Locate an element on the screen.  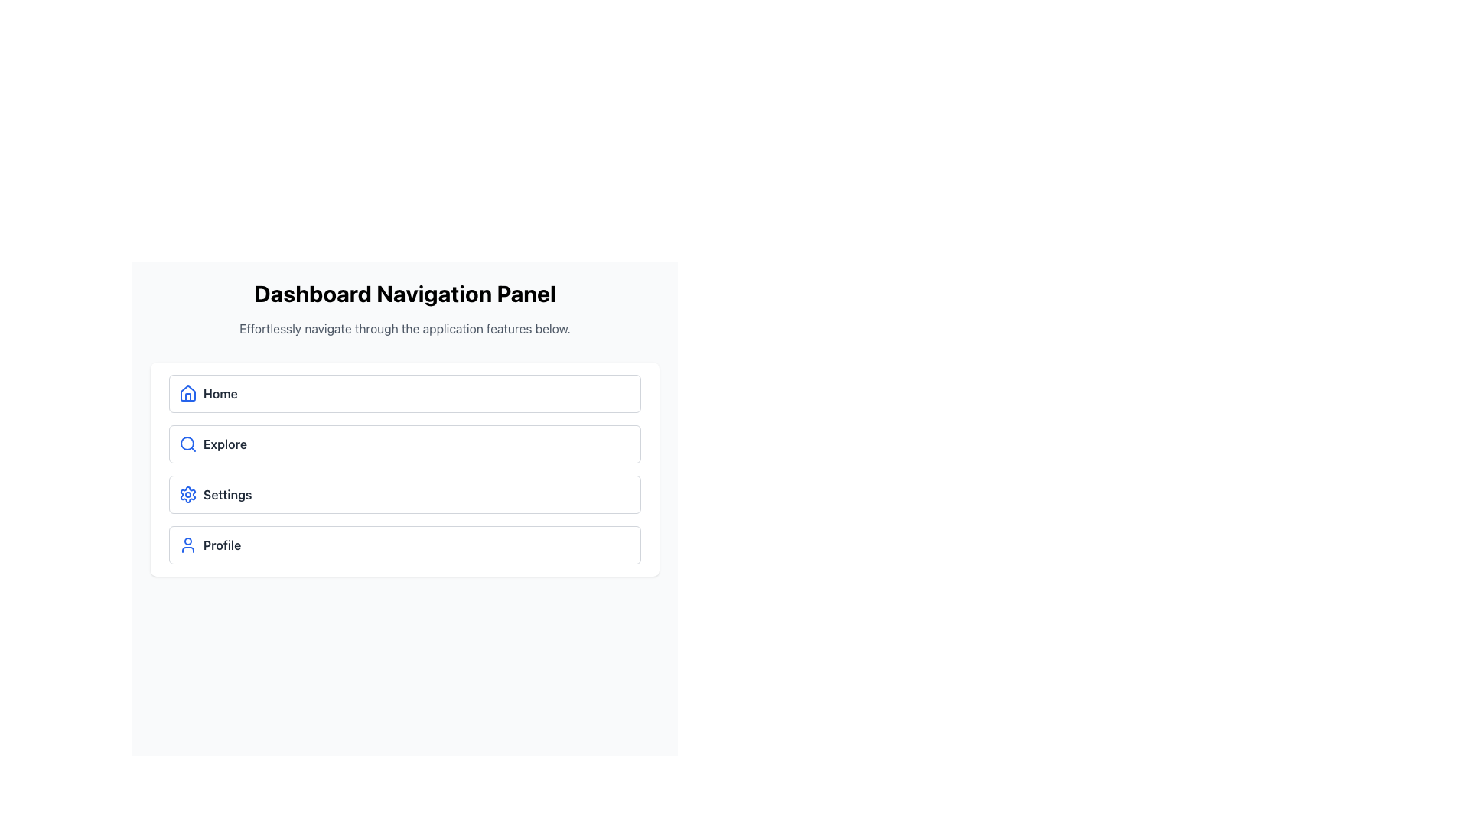
the 'Explore' navigation button, which is the second item in the vertical navigation list is located at coordinates (405, 444).